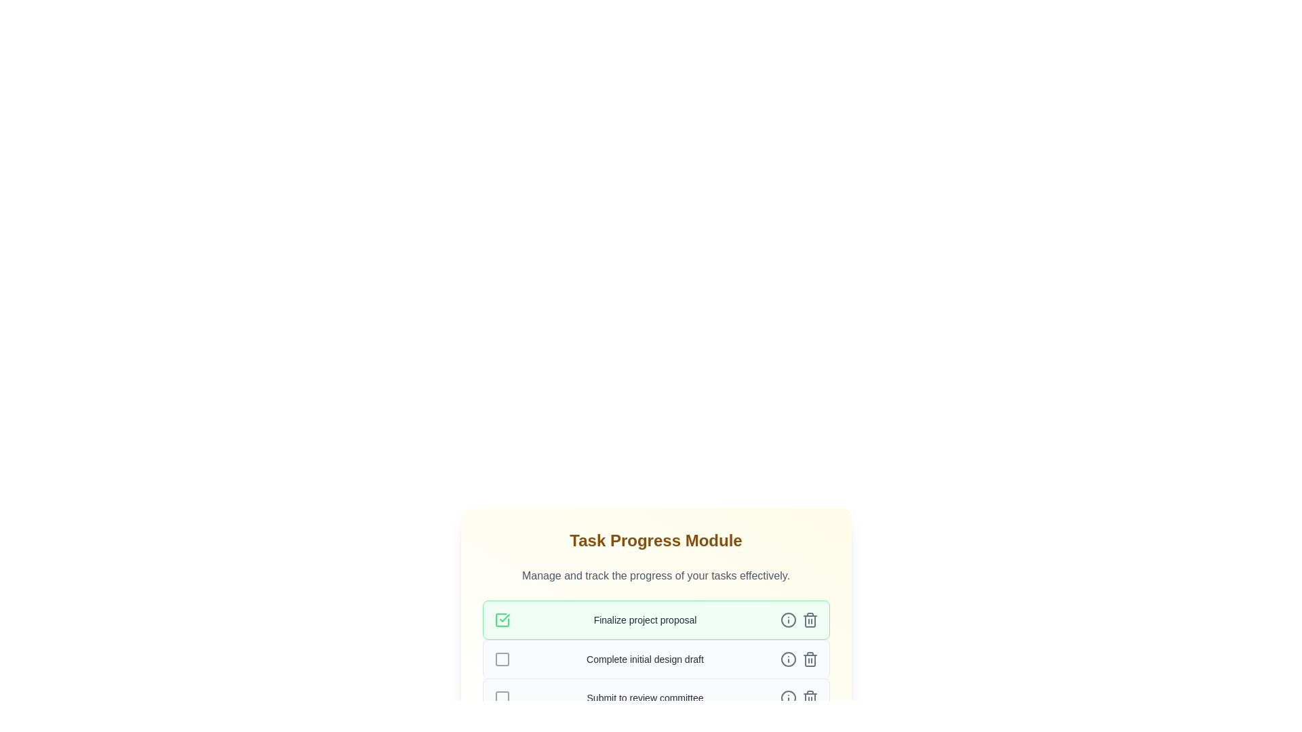 This screenshot has width=1302, height=732. Describe the element at coordinates (788, 619) in the screenshot. I see `the informational icon located to the right of the task title 'Finalize project proposal' and before the trash icon by moving the cursor to it` at that location.